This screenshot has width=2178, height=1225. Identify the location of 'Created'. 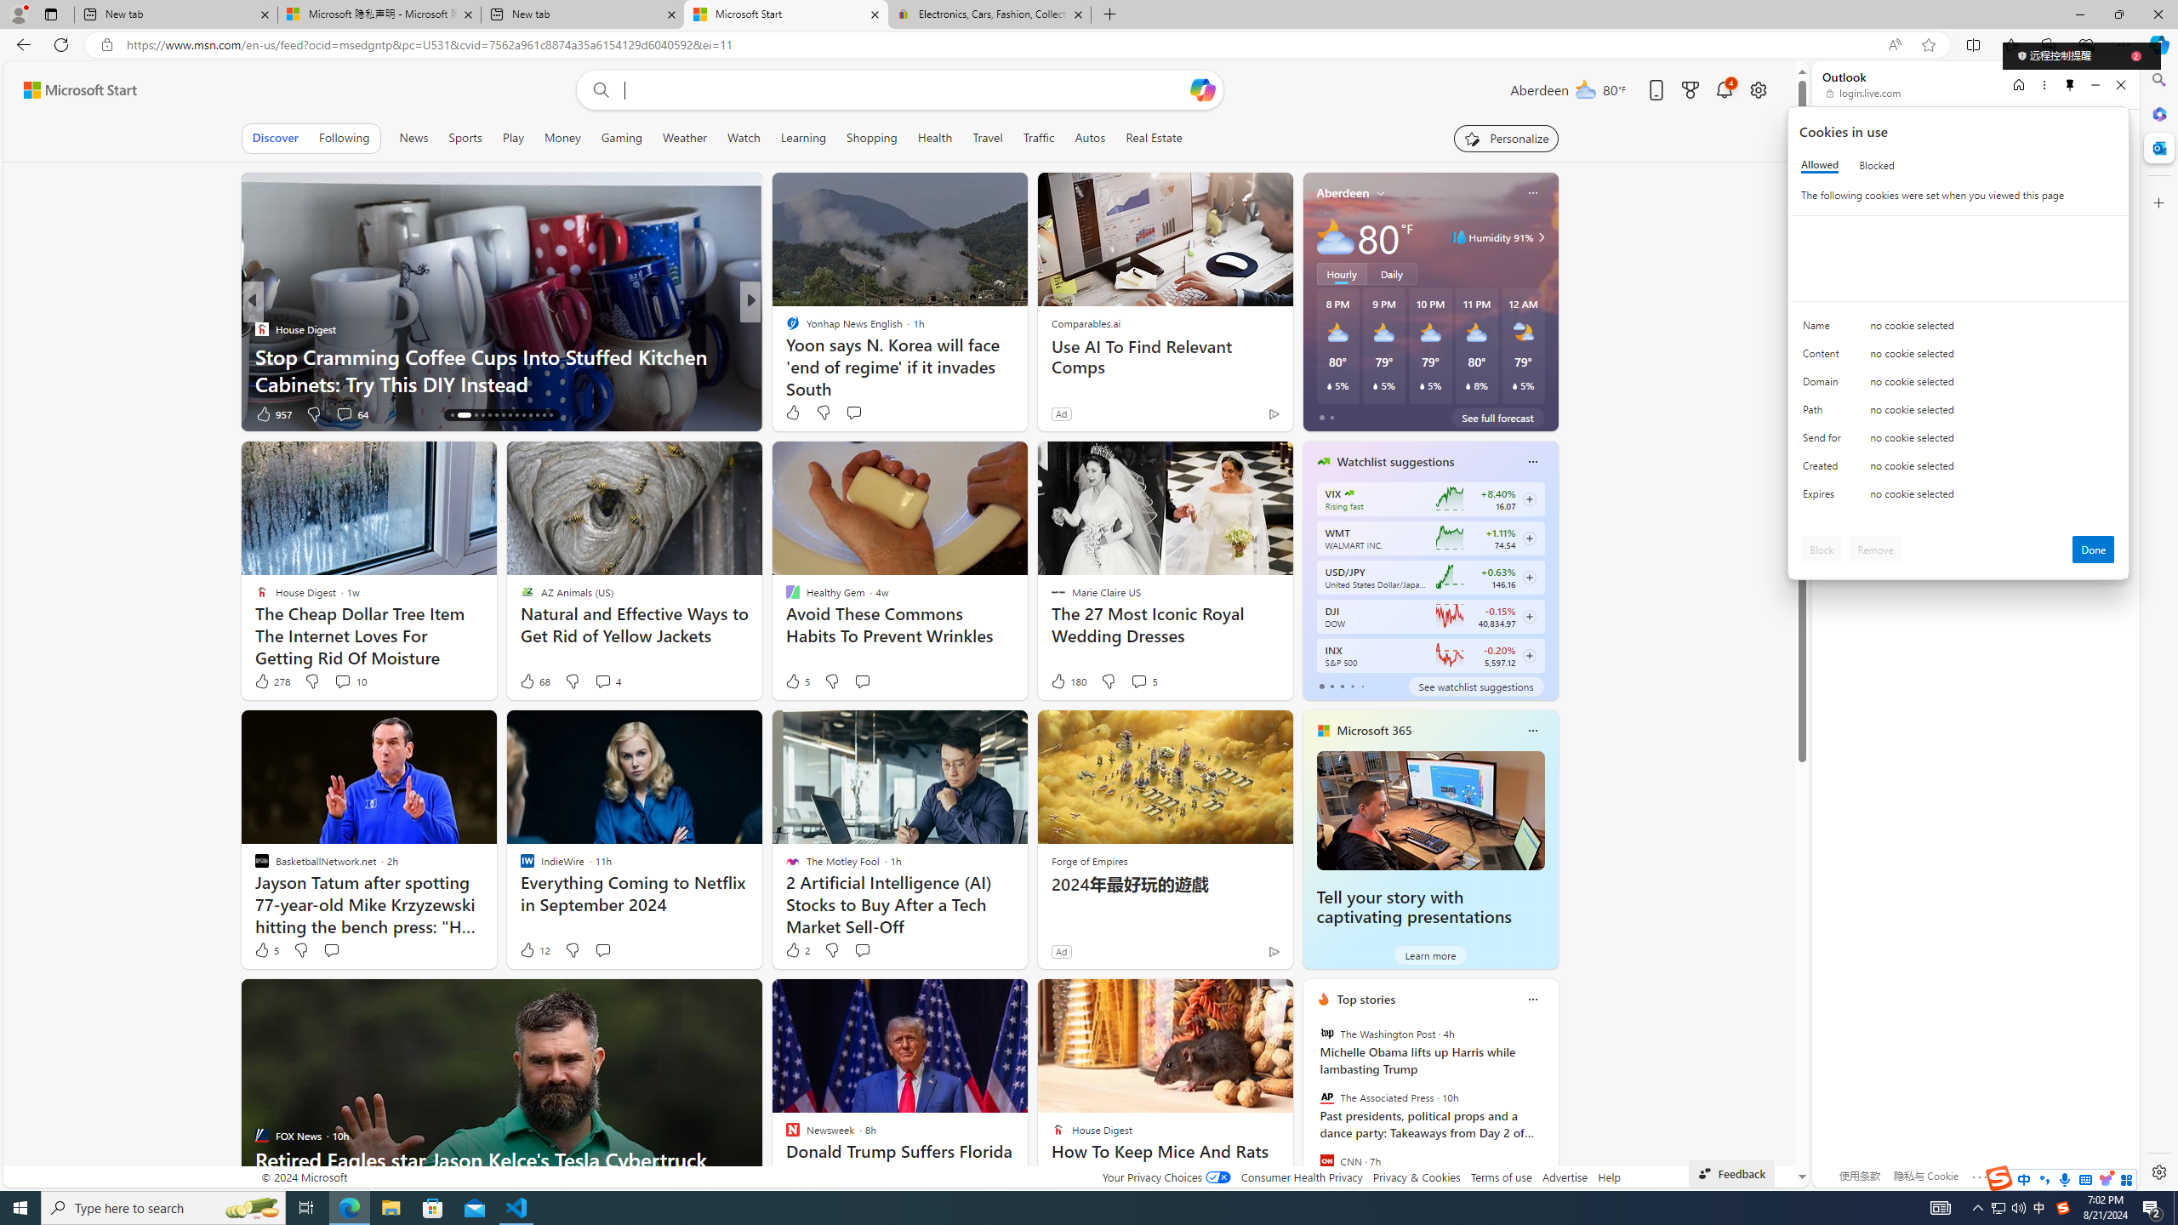
(1824, 469).